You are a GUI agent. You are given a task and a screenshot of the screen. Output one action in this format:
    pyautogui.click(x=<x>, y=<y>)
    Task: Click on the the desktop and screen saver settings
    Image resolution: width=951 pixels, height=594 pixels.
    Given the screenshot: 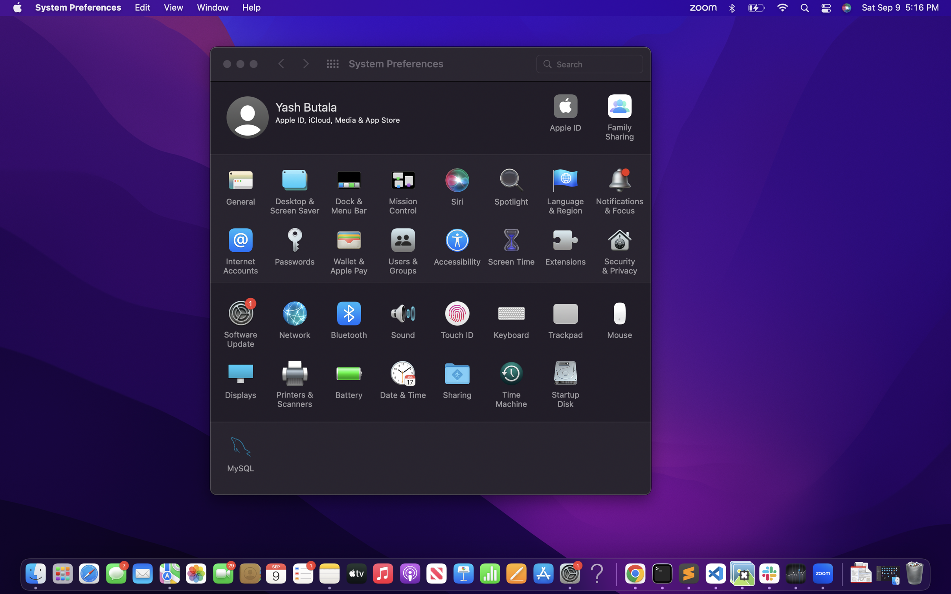 What is the action you would take?
    pyautogui.click(x=295, y=191)
    